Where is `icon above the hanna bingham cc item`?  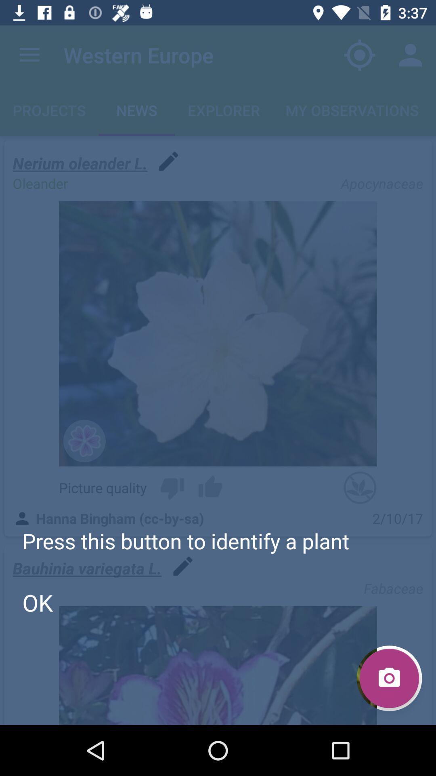 icon above the hanna bingham cc item is located at coordinates (172, 487).